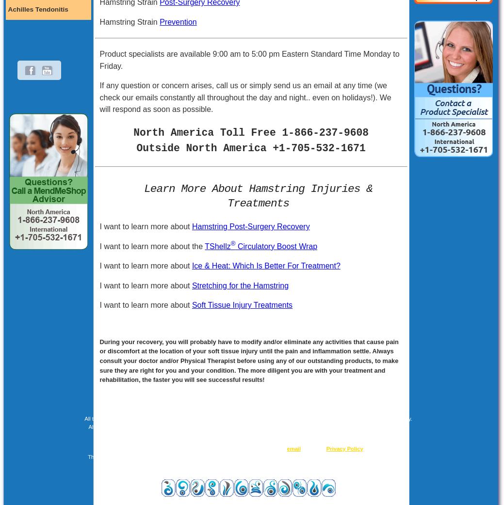 The height and width of the screenshot is (505, 504). What do you see at coordinates (130, 21) in the screenshot?
I see `'Hamstring Strain'` at bounding box center [130, 21].